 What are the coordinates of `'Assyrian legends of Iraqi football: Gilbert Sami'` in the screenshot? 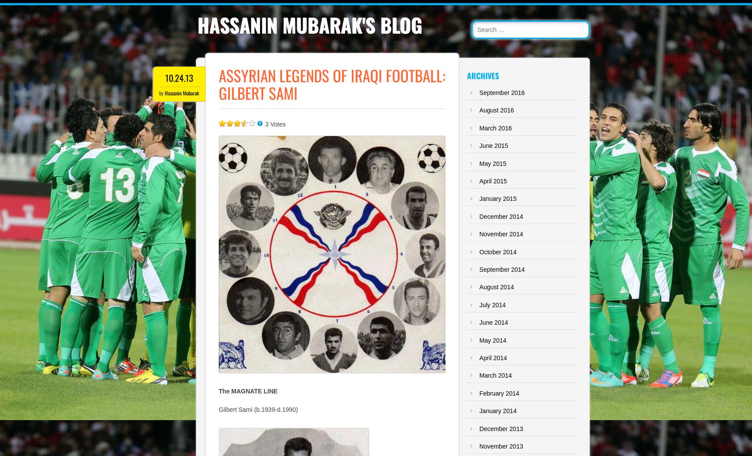 It's located at (331, 84).